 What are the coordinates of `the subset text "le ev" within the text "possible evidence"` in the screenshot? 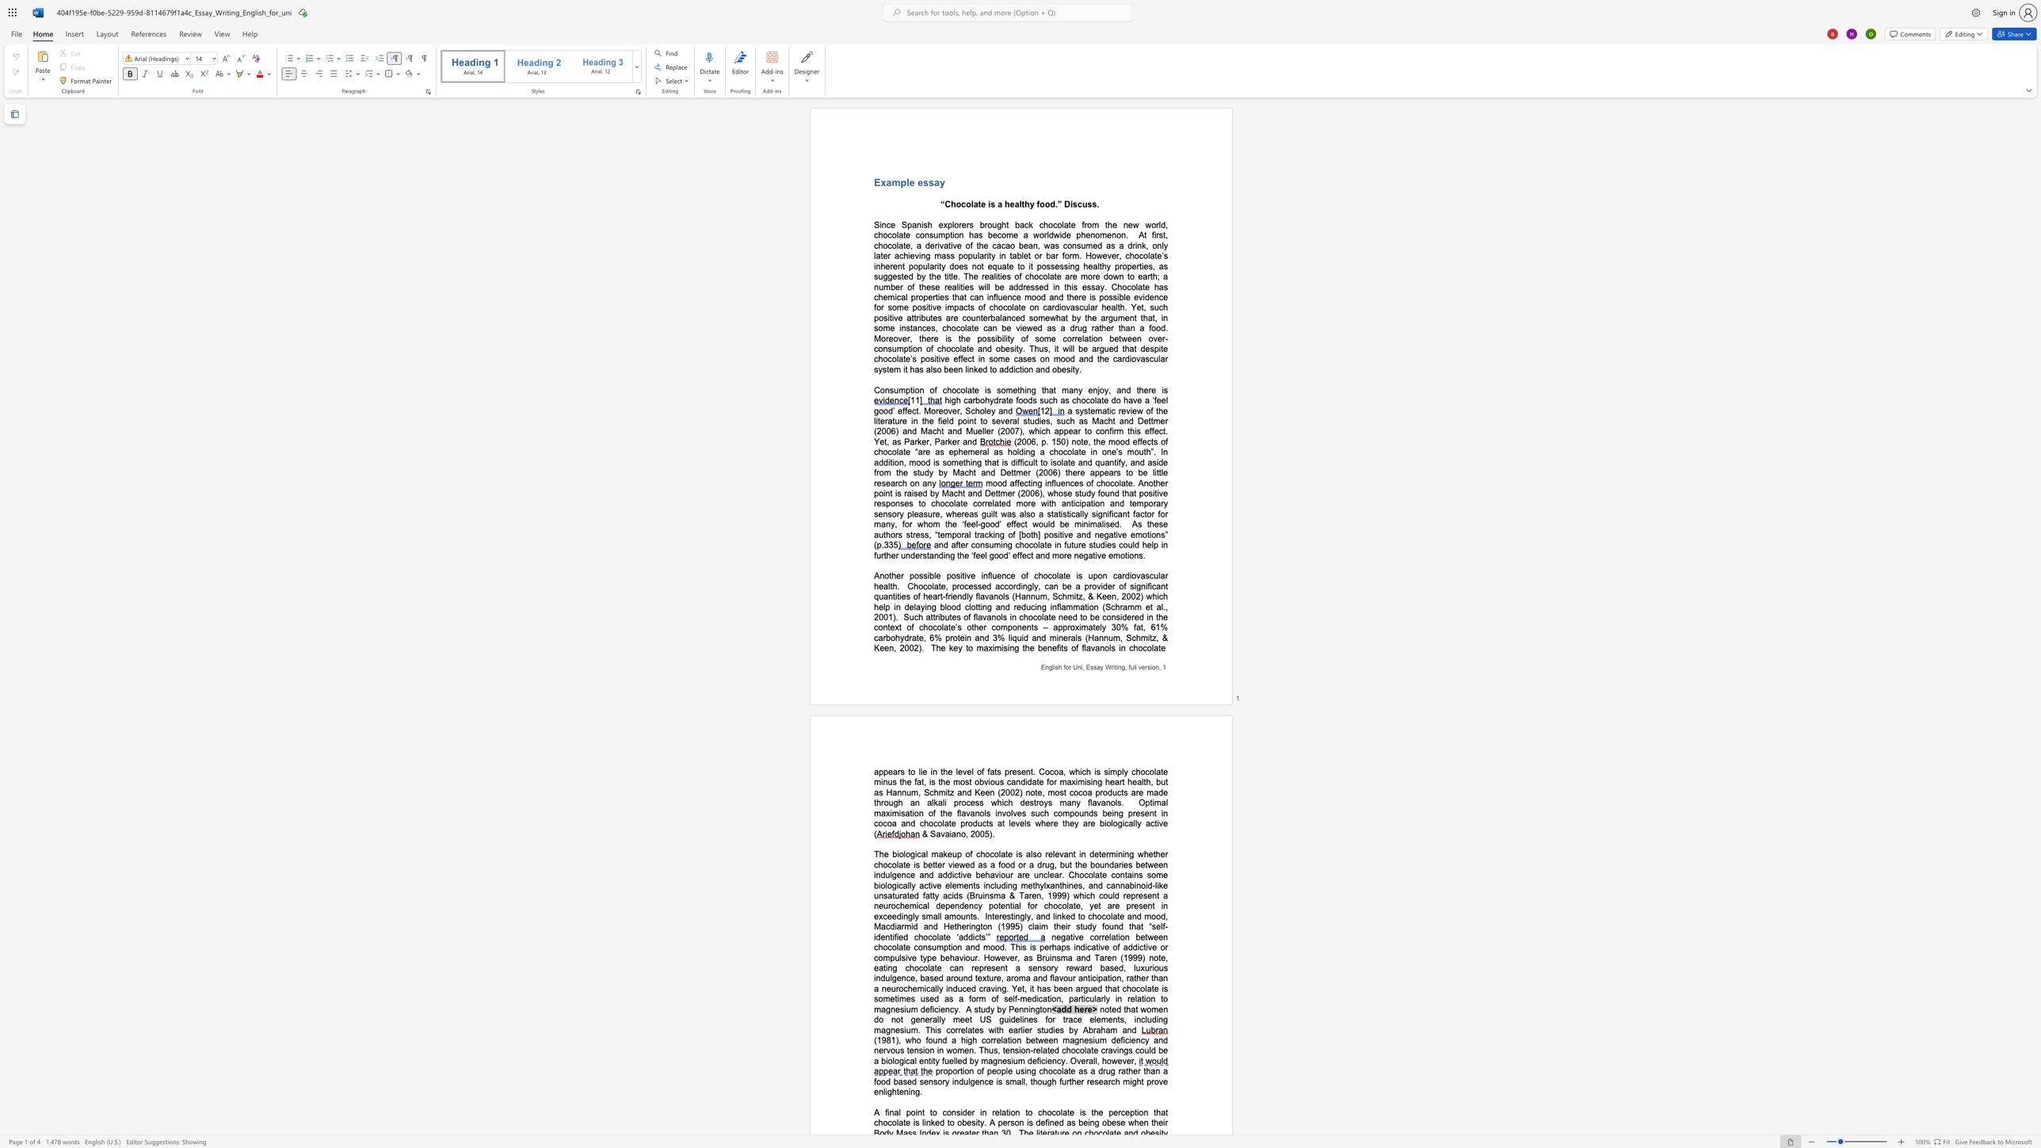 It's located at (1123, 296).